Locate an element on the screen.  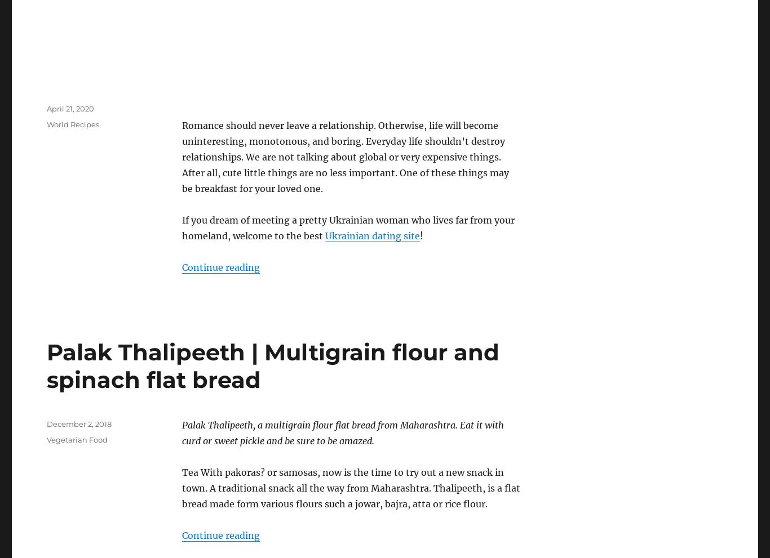
'Palak Thalipeeth | Multigrain flour and spinach flat bread' is located at coordinates (47, 365).